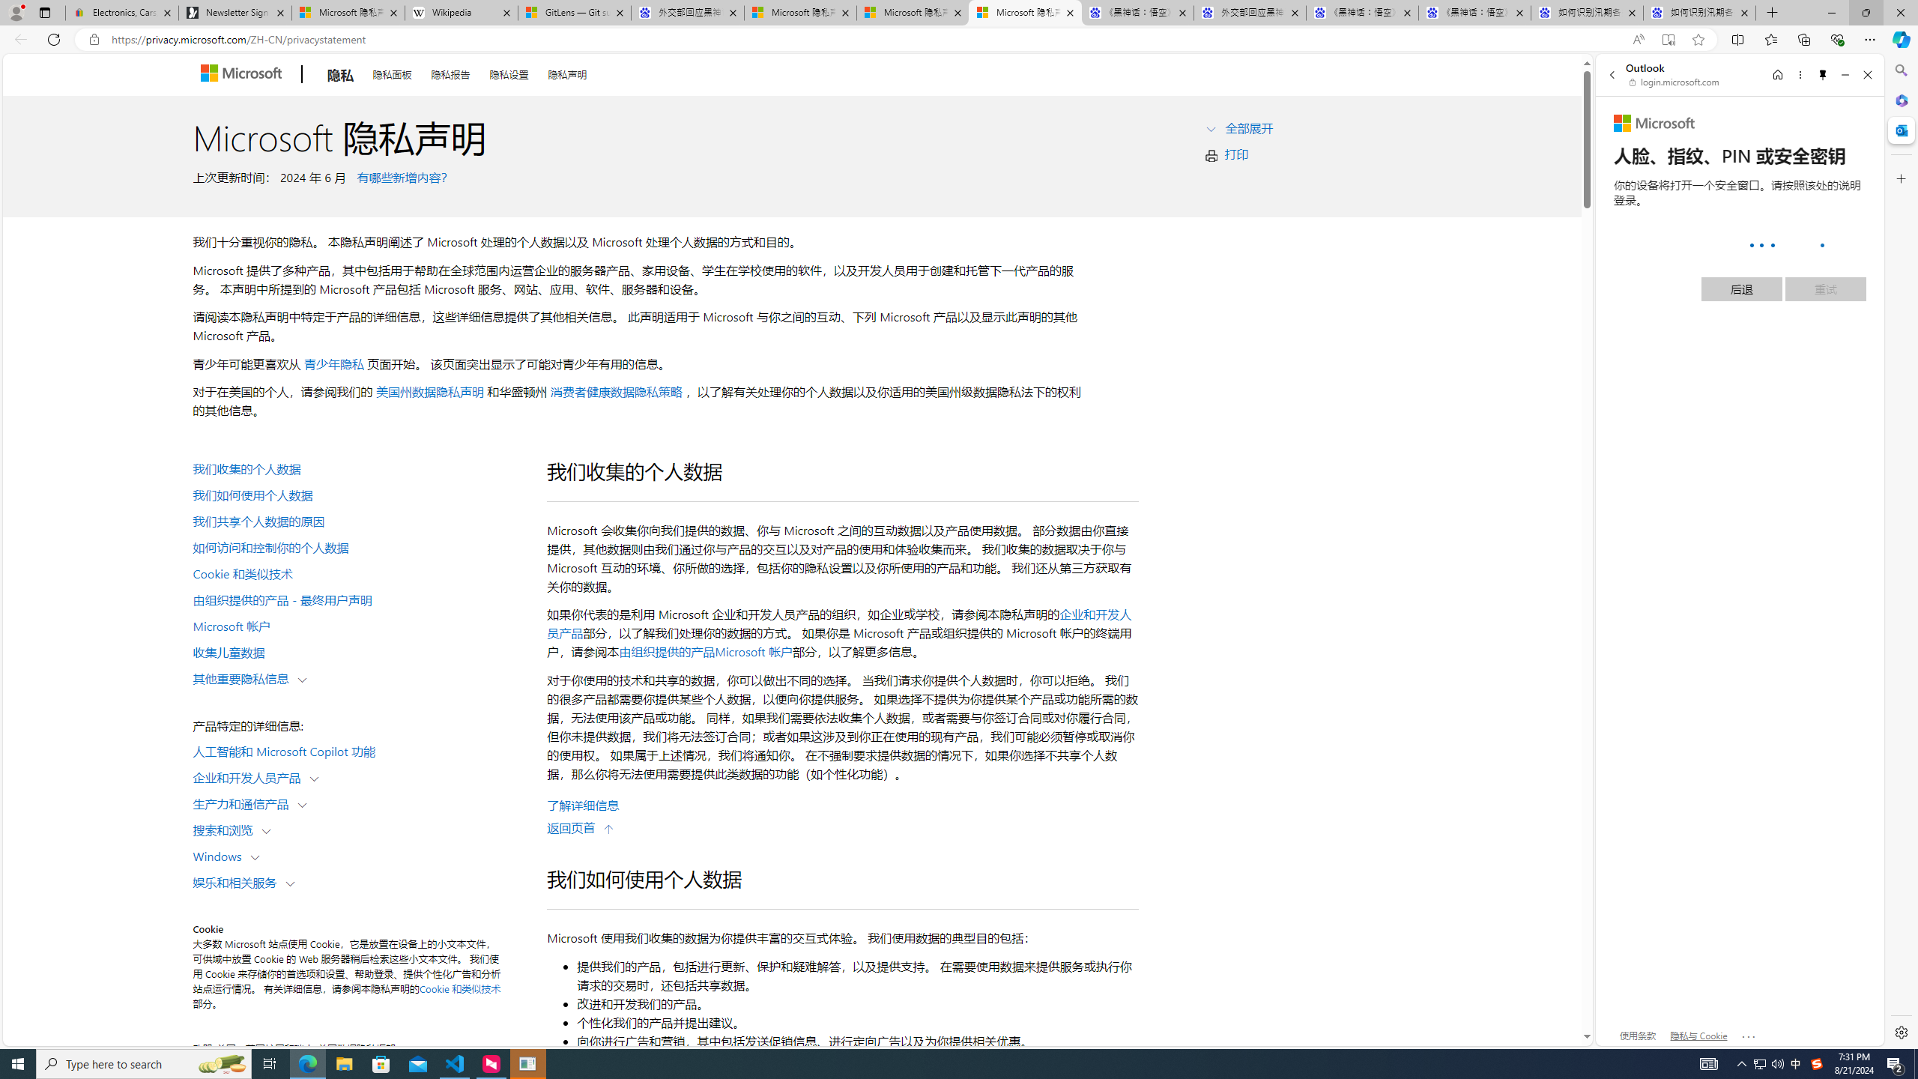 The height and width of the screenshot is (1079, 1918). I want to click on 'login.microsoft.com', so click(1675, 81).